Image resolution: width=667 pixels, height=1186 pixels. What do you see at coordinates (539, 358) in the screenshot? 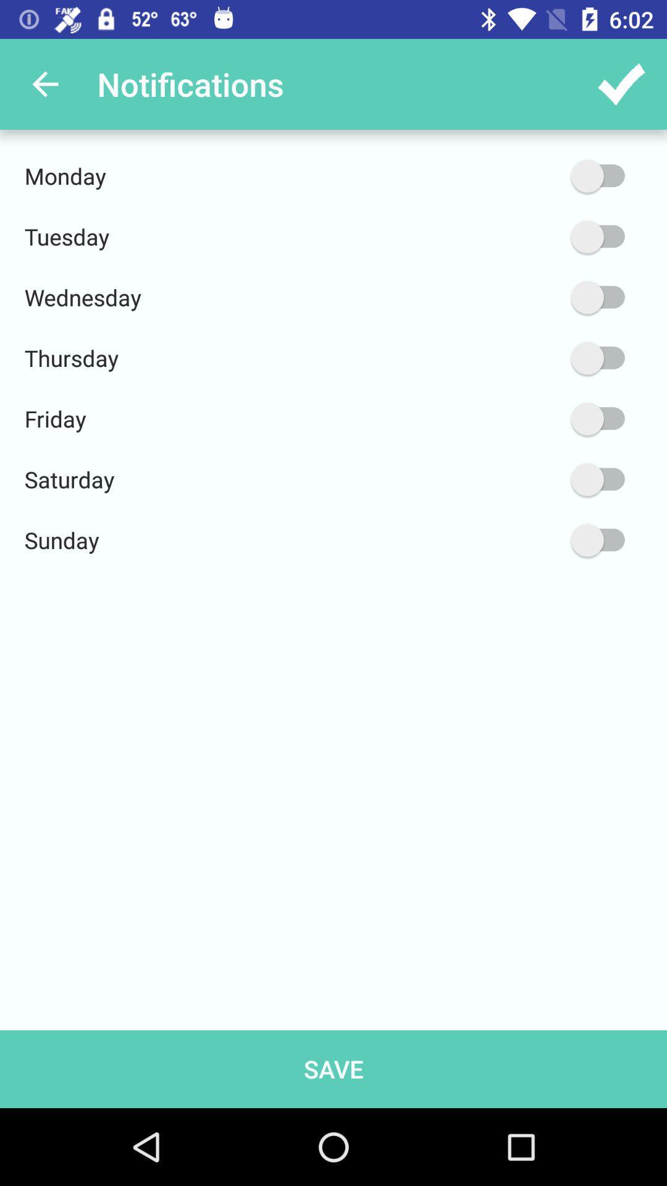
I see `the item to the right of thursday icon` at bounding box center [539, 358].